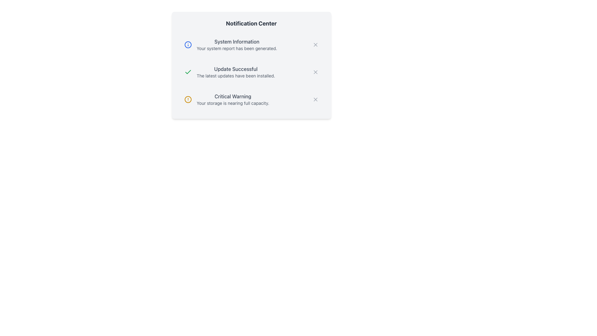  I want to click on the text label that provides additional descriptive information about the 'Critical Warning' indicator in the notification panel, so click(233, 103).